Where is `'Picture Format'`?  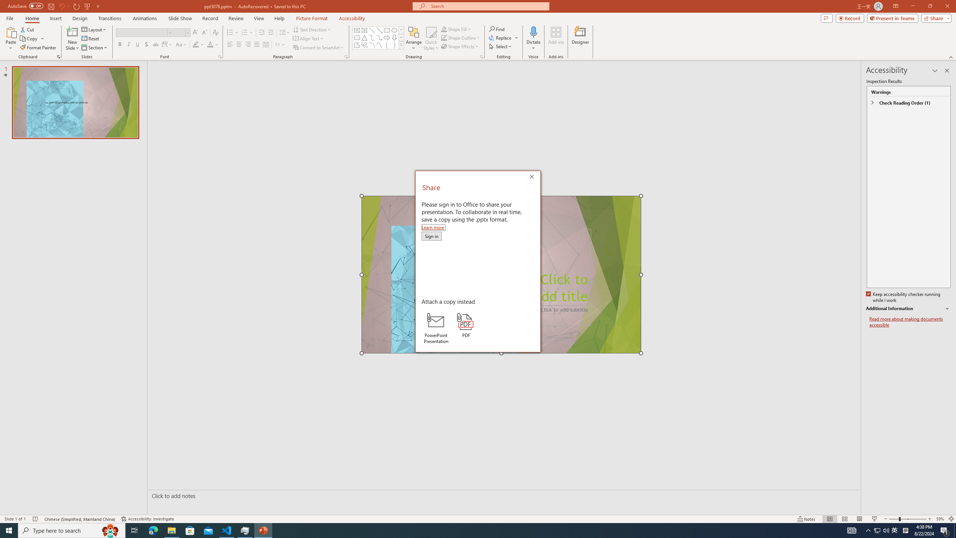 'Picture Format' is located at coordinates (312, 18).